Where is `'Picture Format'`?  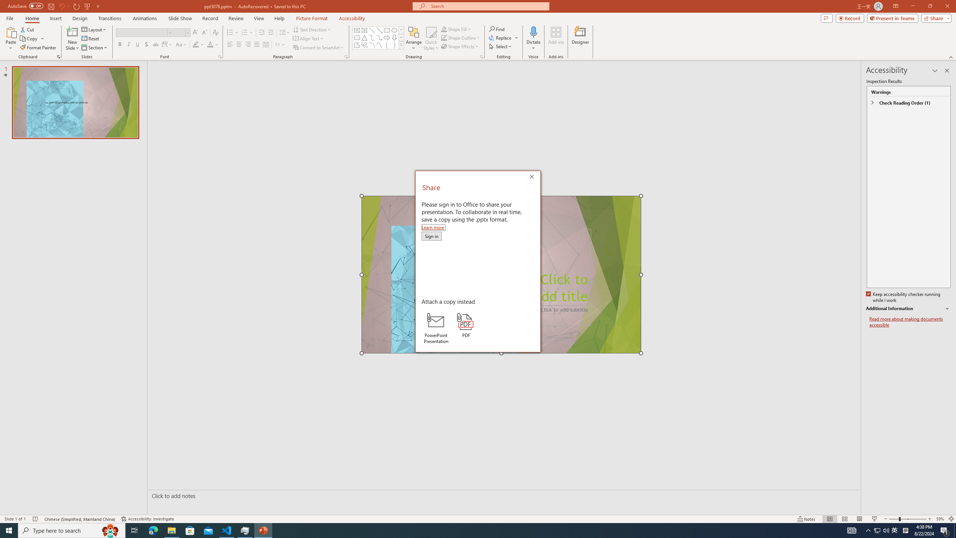 'Picture Format' is located at coordinates (312, 18).